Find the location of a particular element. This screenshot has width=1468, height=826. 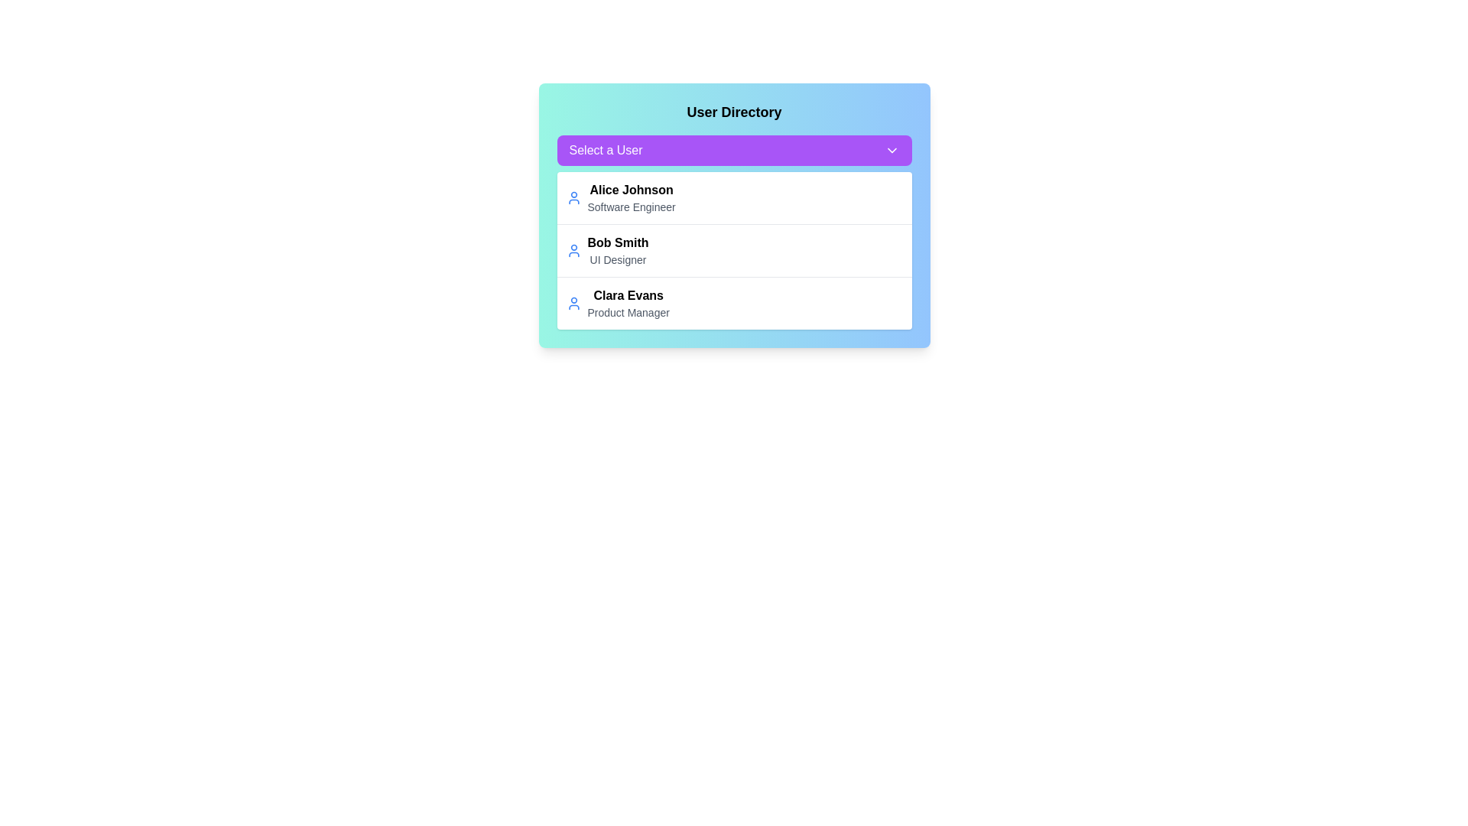

the text display that shows 'Bob Smith' in the user directory interface, which is the second item in the user entries list under the 'Select a User' dropdown is located at coordinates (618, 242).